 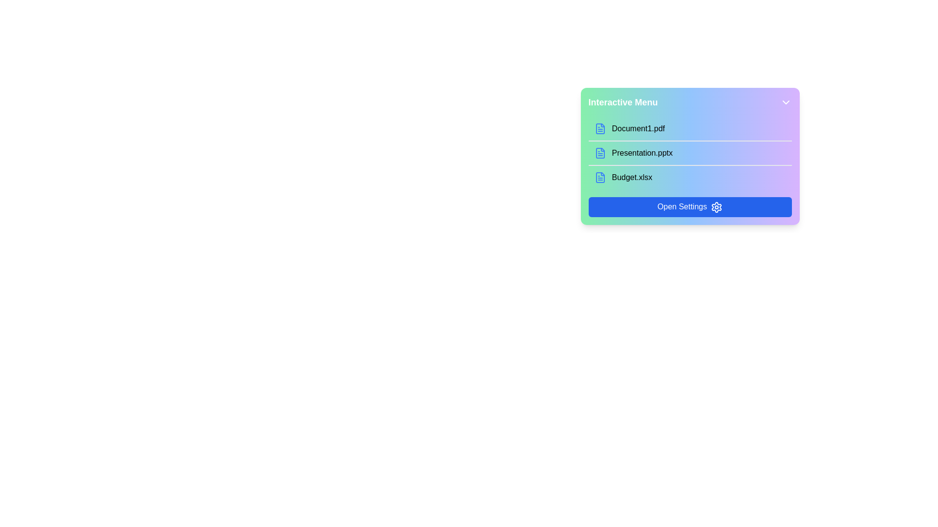 I want to click on the Interactive menu to interact with the selectable files ranging from 'Document1.pdf' to 'Open Settings', so click(x=689, y=156).